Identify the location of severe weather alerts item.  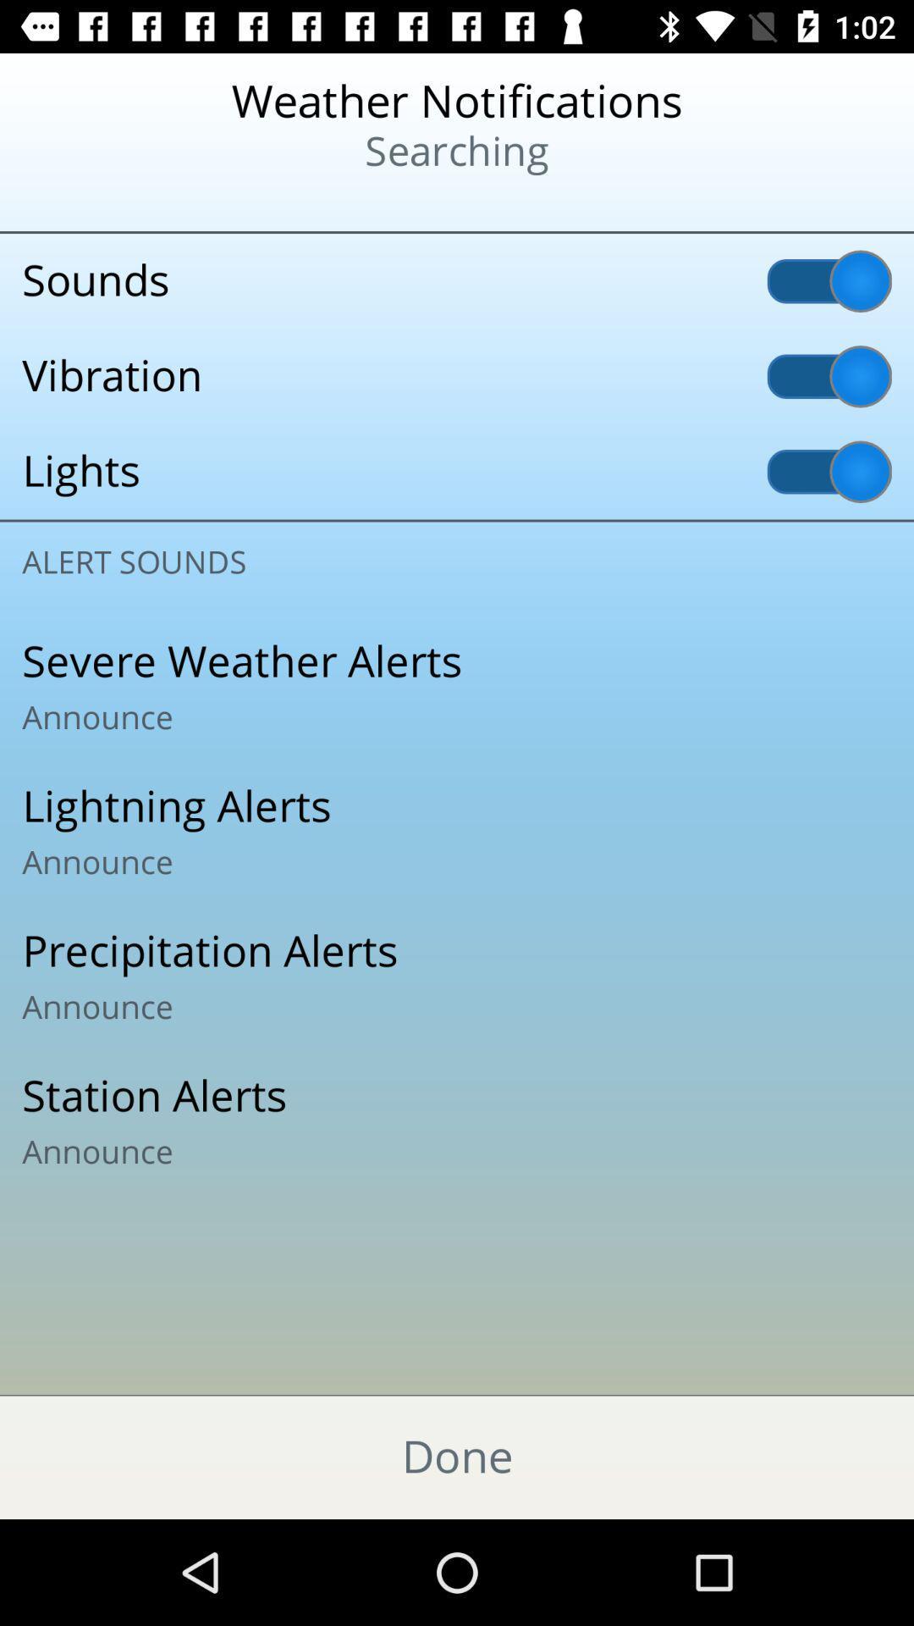
(457, 687).